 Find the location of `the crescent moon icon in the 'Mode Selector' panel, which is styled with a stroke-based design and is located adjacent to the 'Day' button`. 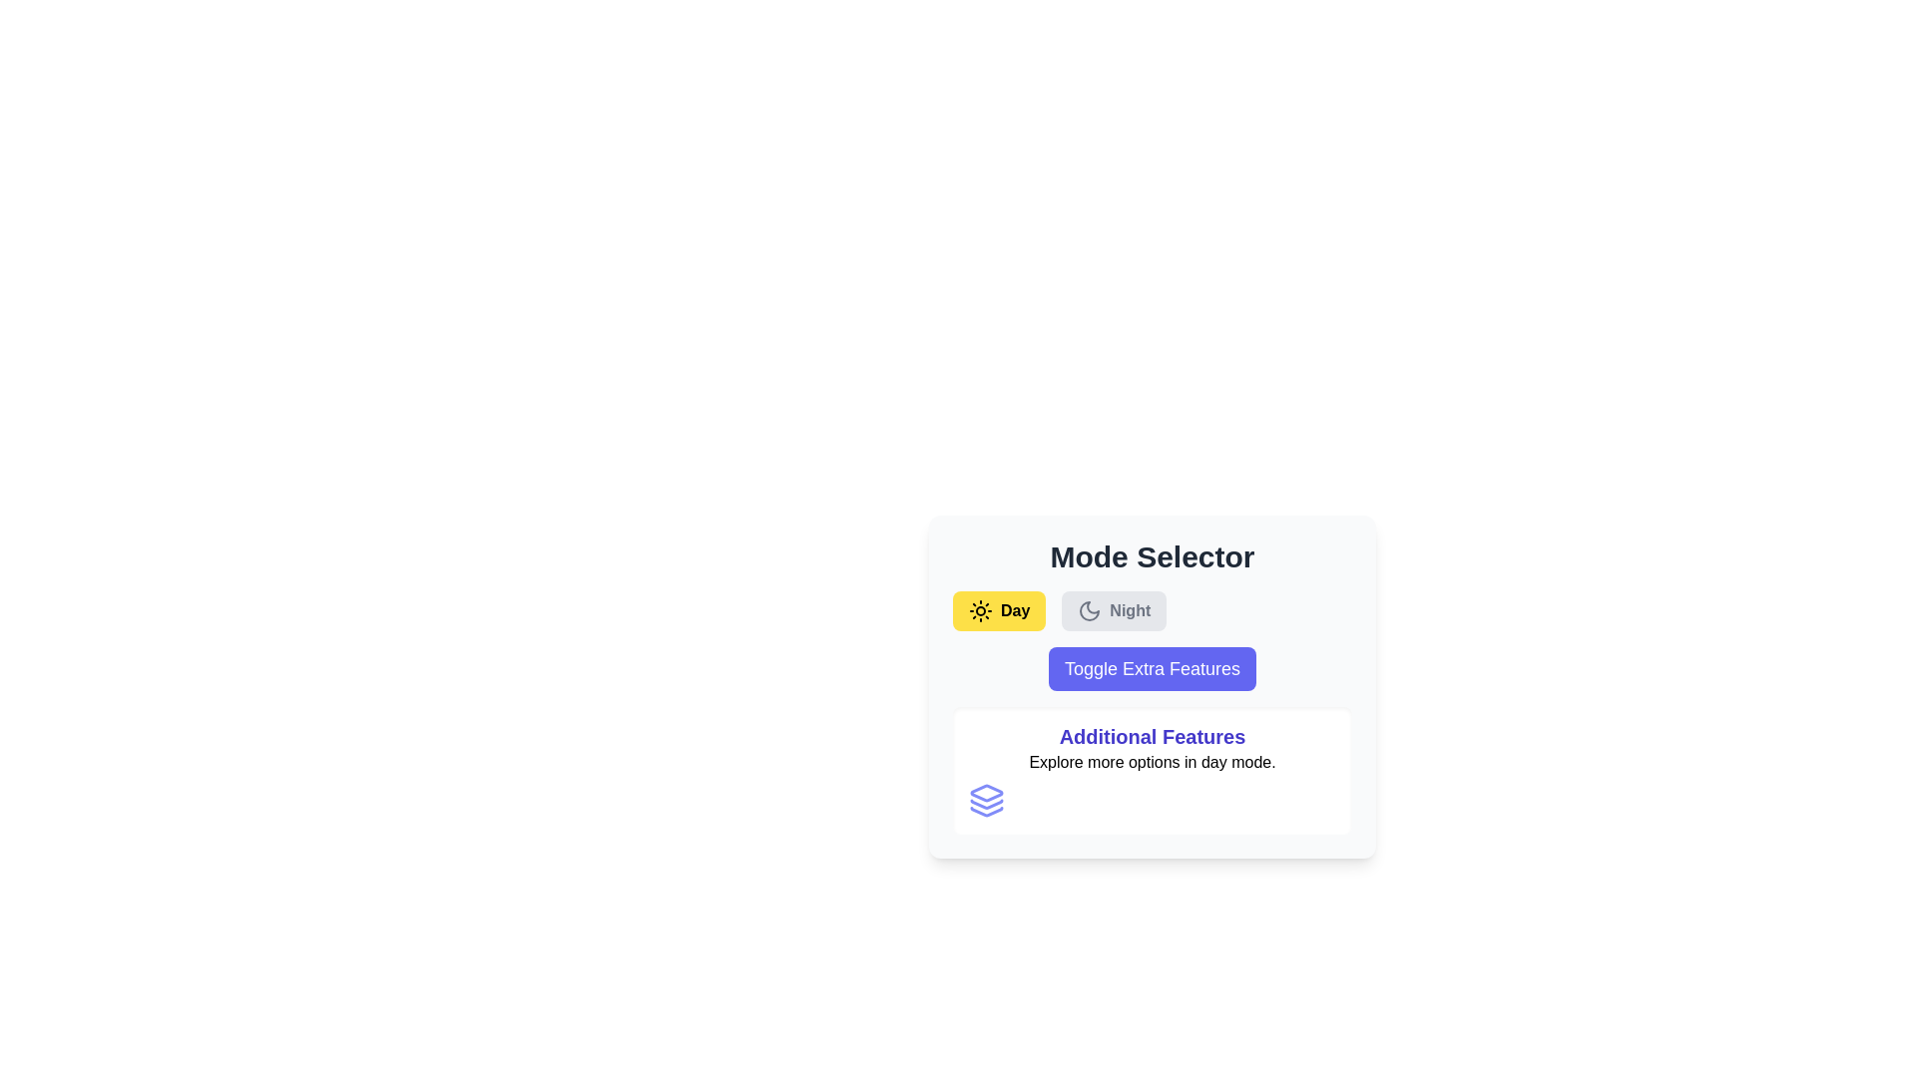

the crescent moon icon in the 'Mode Selector' panel, which is styled with a stroke-based design and is located adjacent to the 'Day' button is located at coordinates (1089, 610).